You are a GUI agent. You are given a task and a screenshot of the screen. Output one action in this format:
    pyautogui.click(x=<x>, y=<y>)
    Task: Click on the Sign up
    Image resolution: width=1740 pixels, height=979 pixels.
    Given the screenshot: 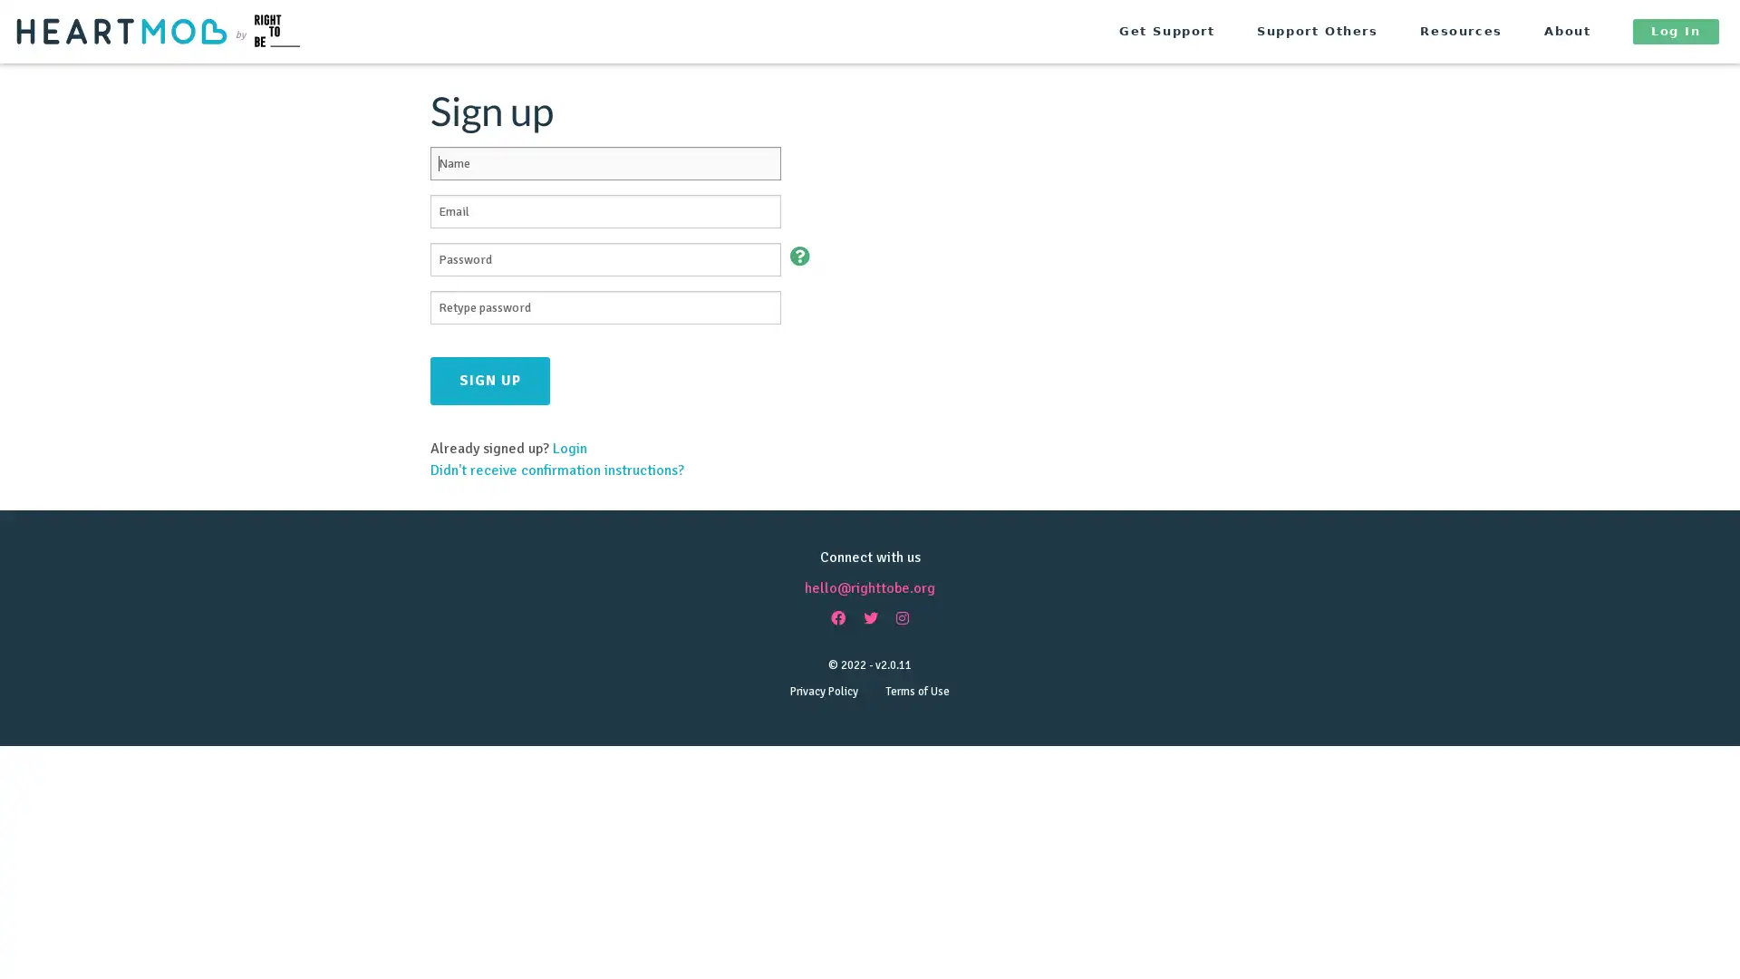 What is the action you would take?
    pyautogui.click(x=490, y=379)
    